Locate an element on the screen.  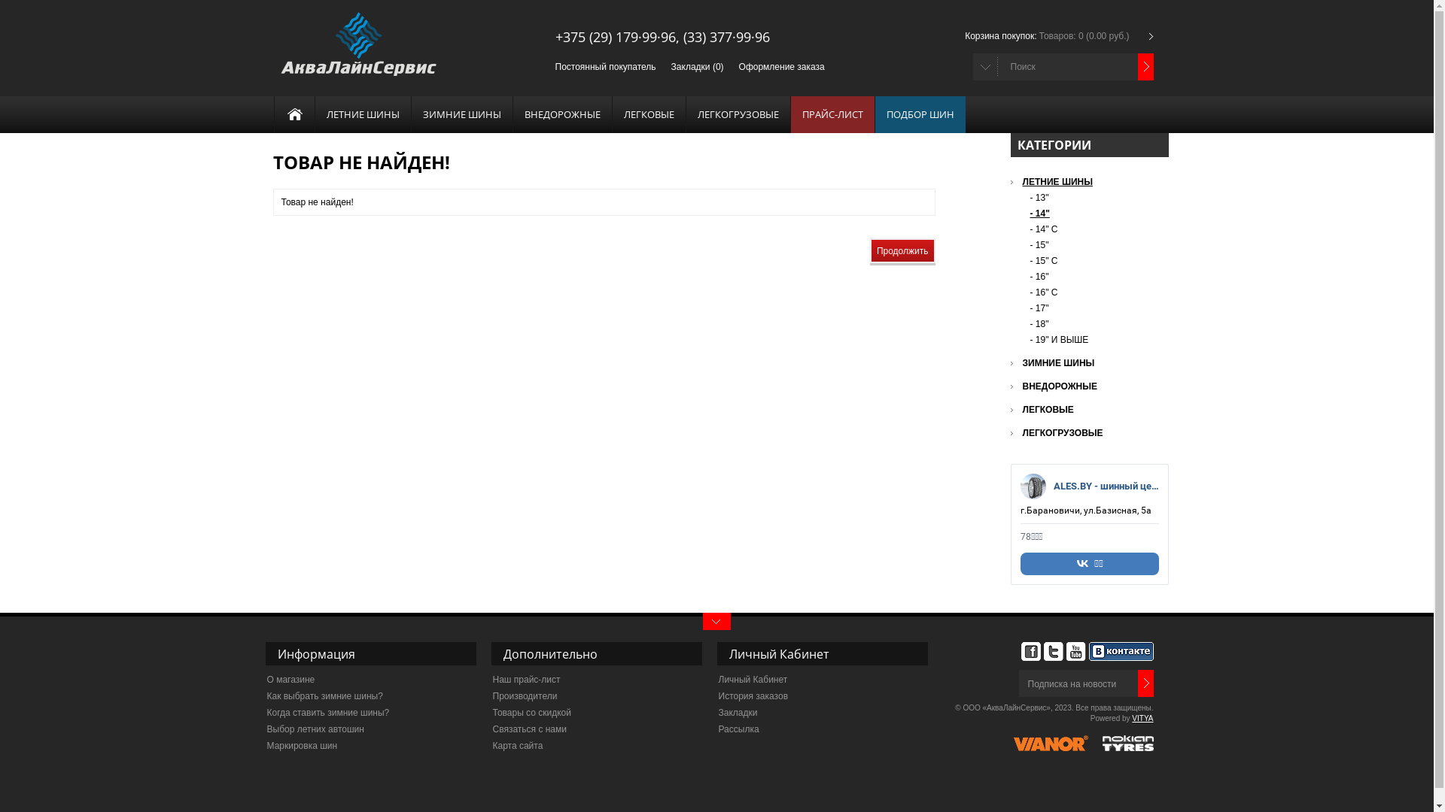
'- 16" C' is located at coordinates (1094, 292).